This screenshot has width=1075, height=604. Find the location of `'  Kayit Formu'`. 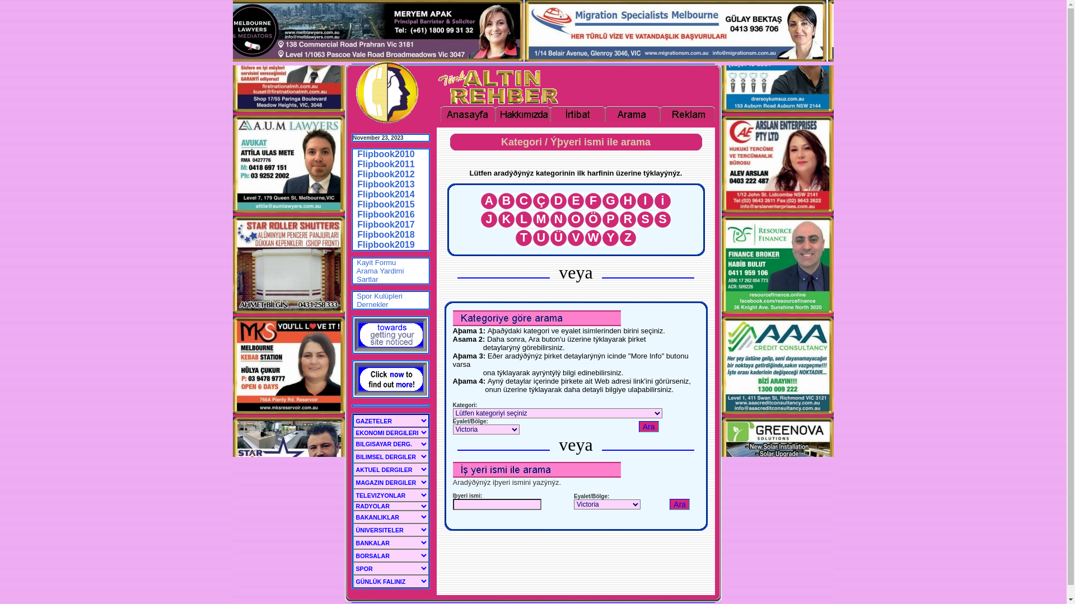

'  Kayit Formu' is located at coordinates (374, 262).